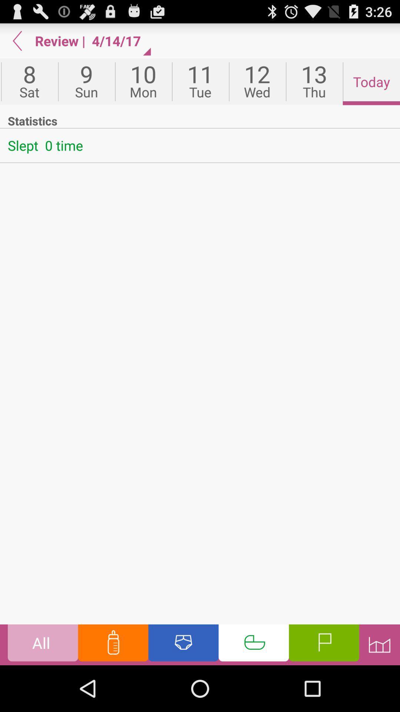  Describe the element at coordinates (379, 644) in the screenshot. I see `graphs` at that location.